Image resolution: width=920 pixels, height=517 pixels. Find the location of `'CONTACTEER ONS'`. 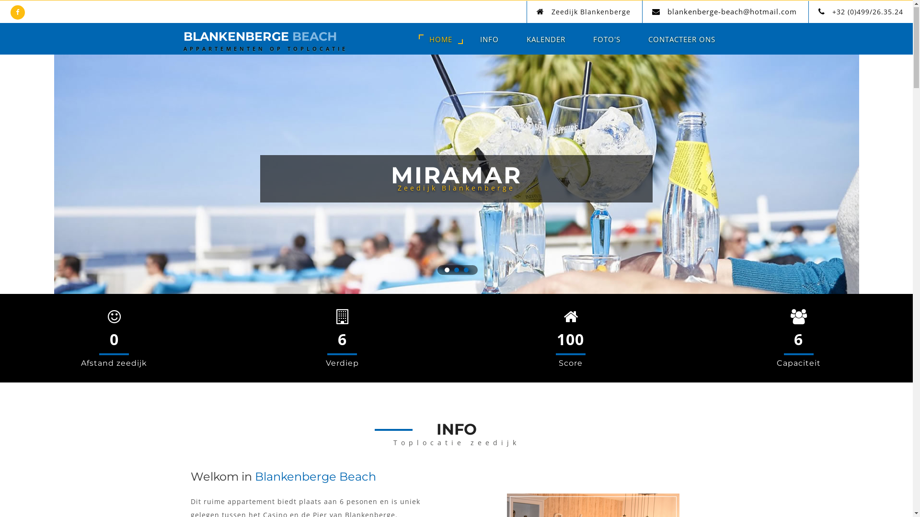

'CONTACTEER ONS' is located at coordinates (681, 39).